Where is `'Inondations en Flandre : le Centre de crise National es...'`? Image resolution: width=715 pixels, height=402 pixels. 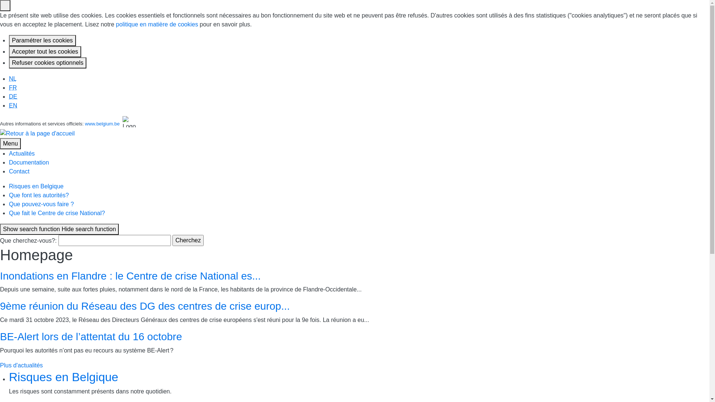
'Inondations en Flandre : le Centre de crise National es...' is located at coordinates (130, 276).